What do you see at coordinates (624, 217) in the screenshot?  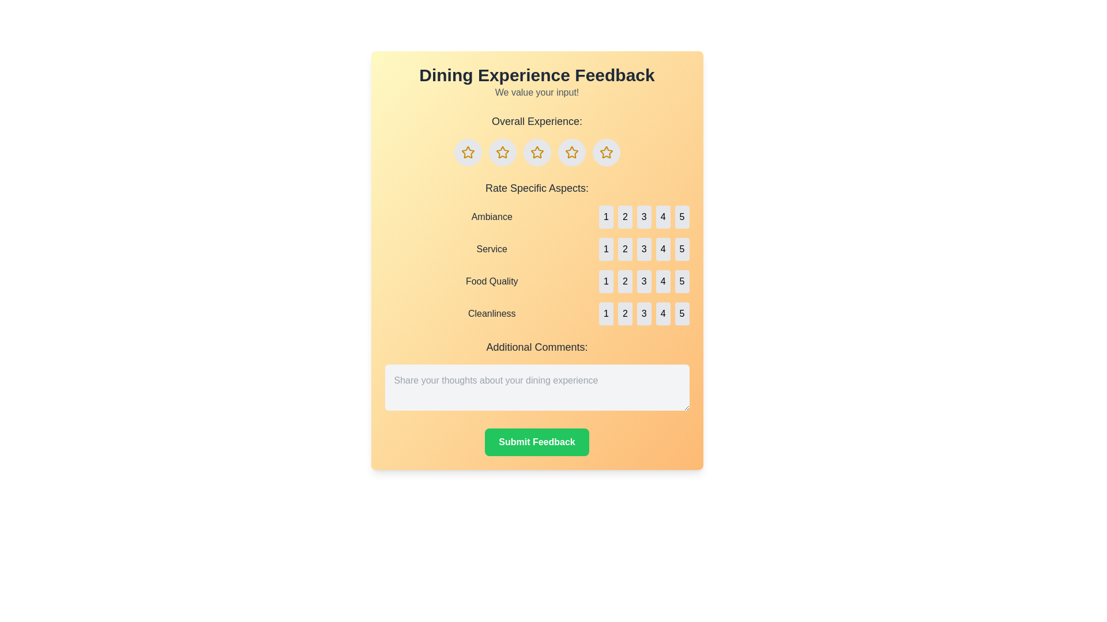 I see `the '2' rating button located beneath the 'Ambiance' label in the 'Rate Specific Aspects:' section` at bounding box center [624, 217].